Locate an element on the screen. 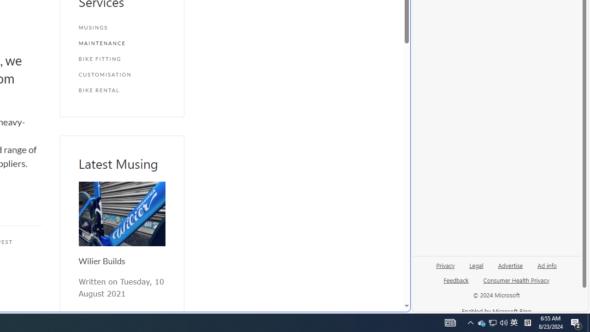 The height and width of the screenshot is (332, 590). 'Wilier Builds' is located at coordinates (121, 214).